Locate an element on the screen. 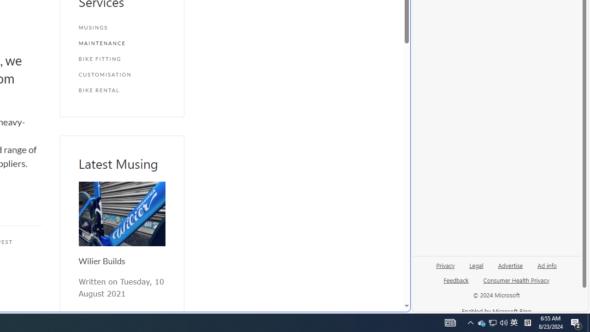 The height and width of the screenshot is (332, 590). 'Wilier Builds' is located at coordinates (121, 214).